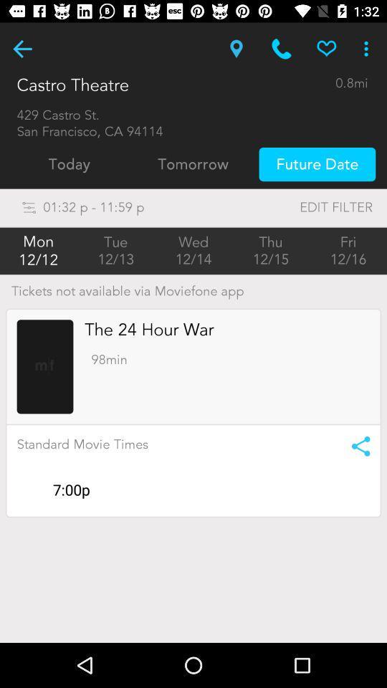 The width and height of the screenshot is (387, 688). I want to click on edit filter, so click(306, 206).